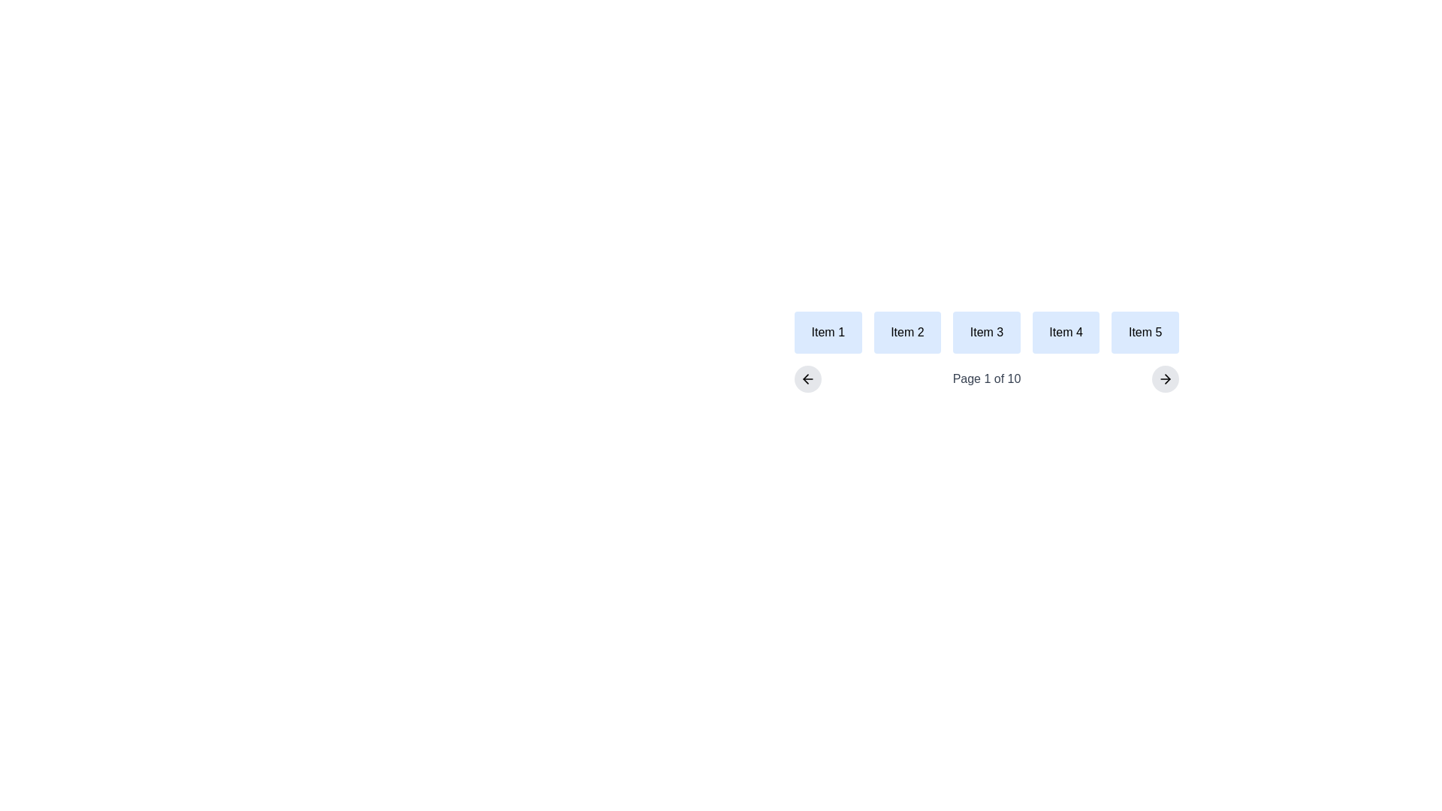  What do you see at coordinates (1164, 378) in the screenshot?
I see `the circular button with a gray background and black right arrow icon located at the far right of the pagination navigation section to change its appearance slightly` at bounding box center [1164, 378].